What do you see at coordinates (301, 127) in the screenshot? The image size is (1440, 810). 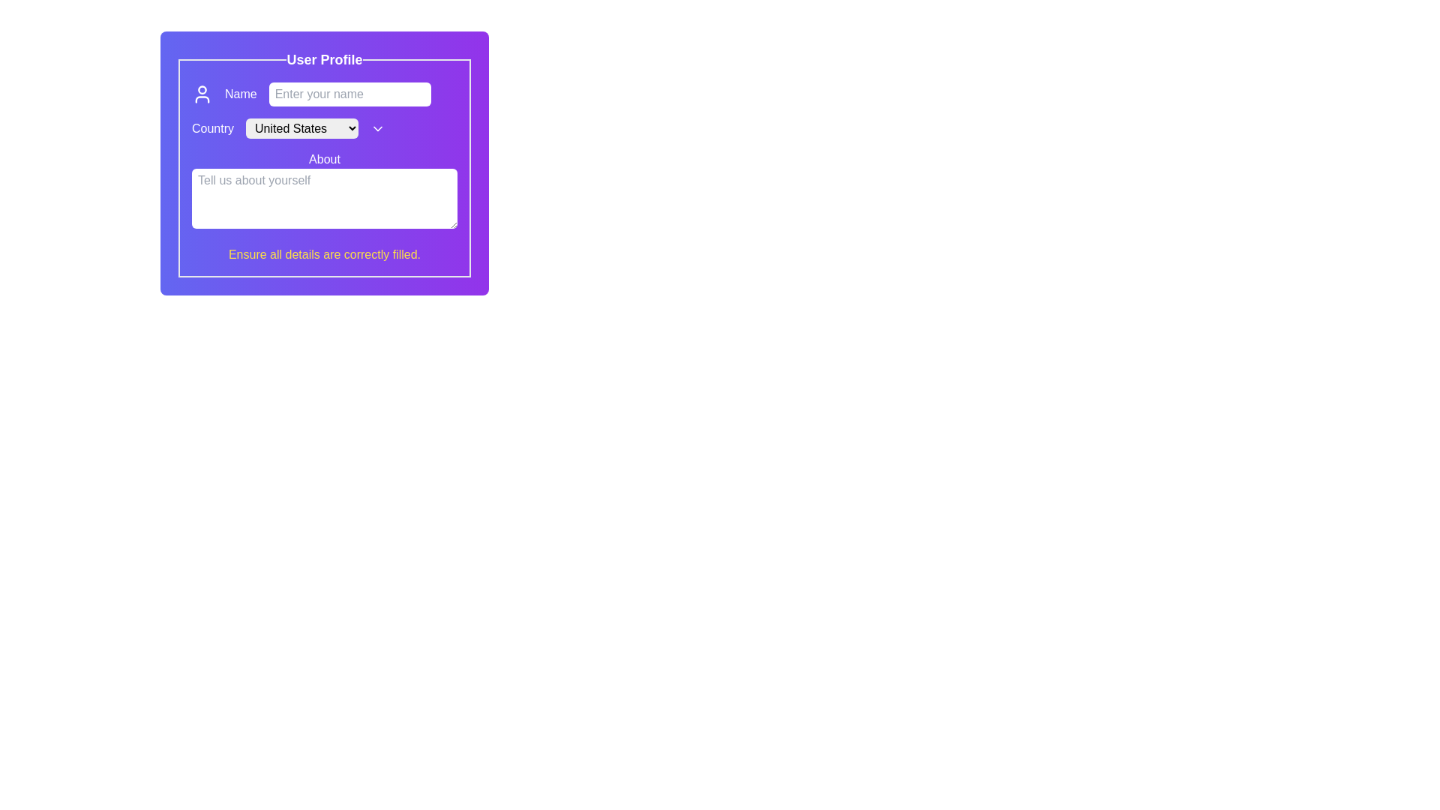 I see `the Dropdown menu located in the 'Country' section of the profile UI` at bounding box center [301, 127].